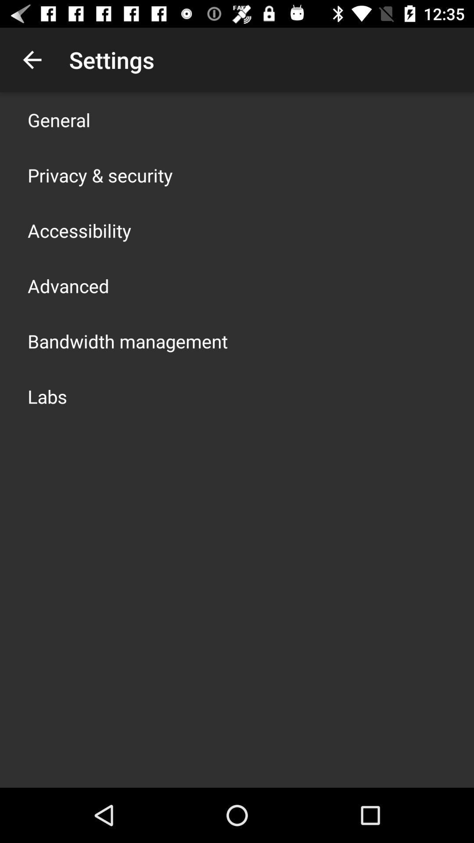  I want to click on bandwidth management item, so click(127, 341).